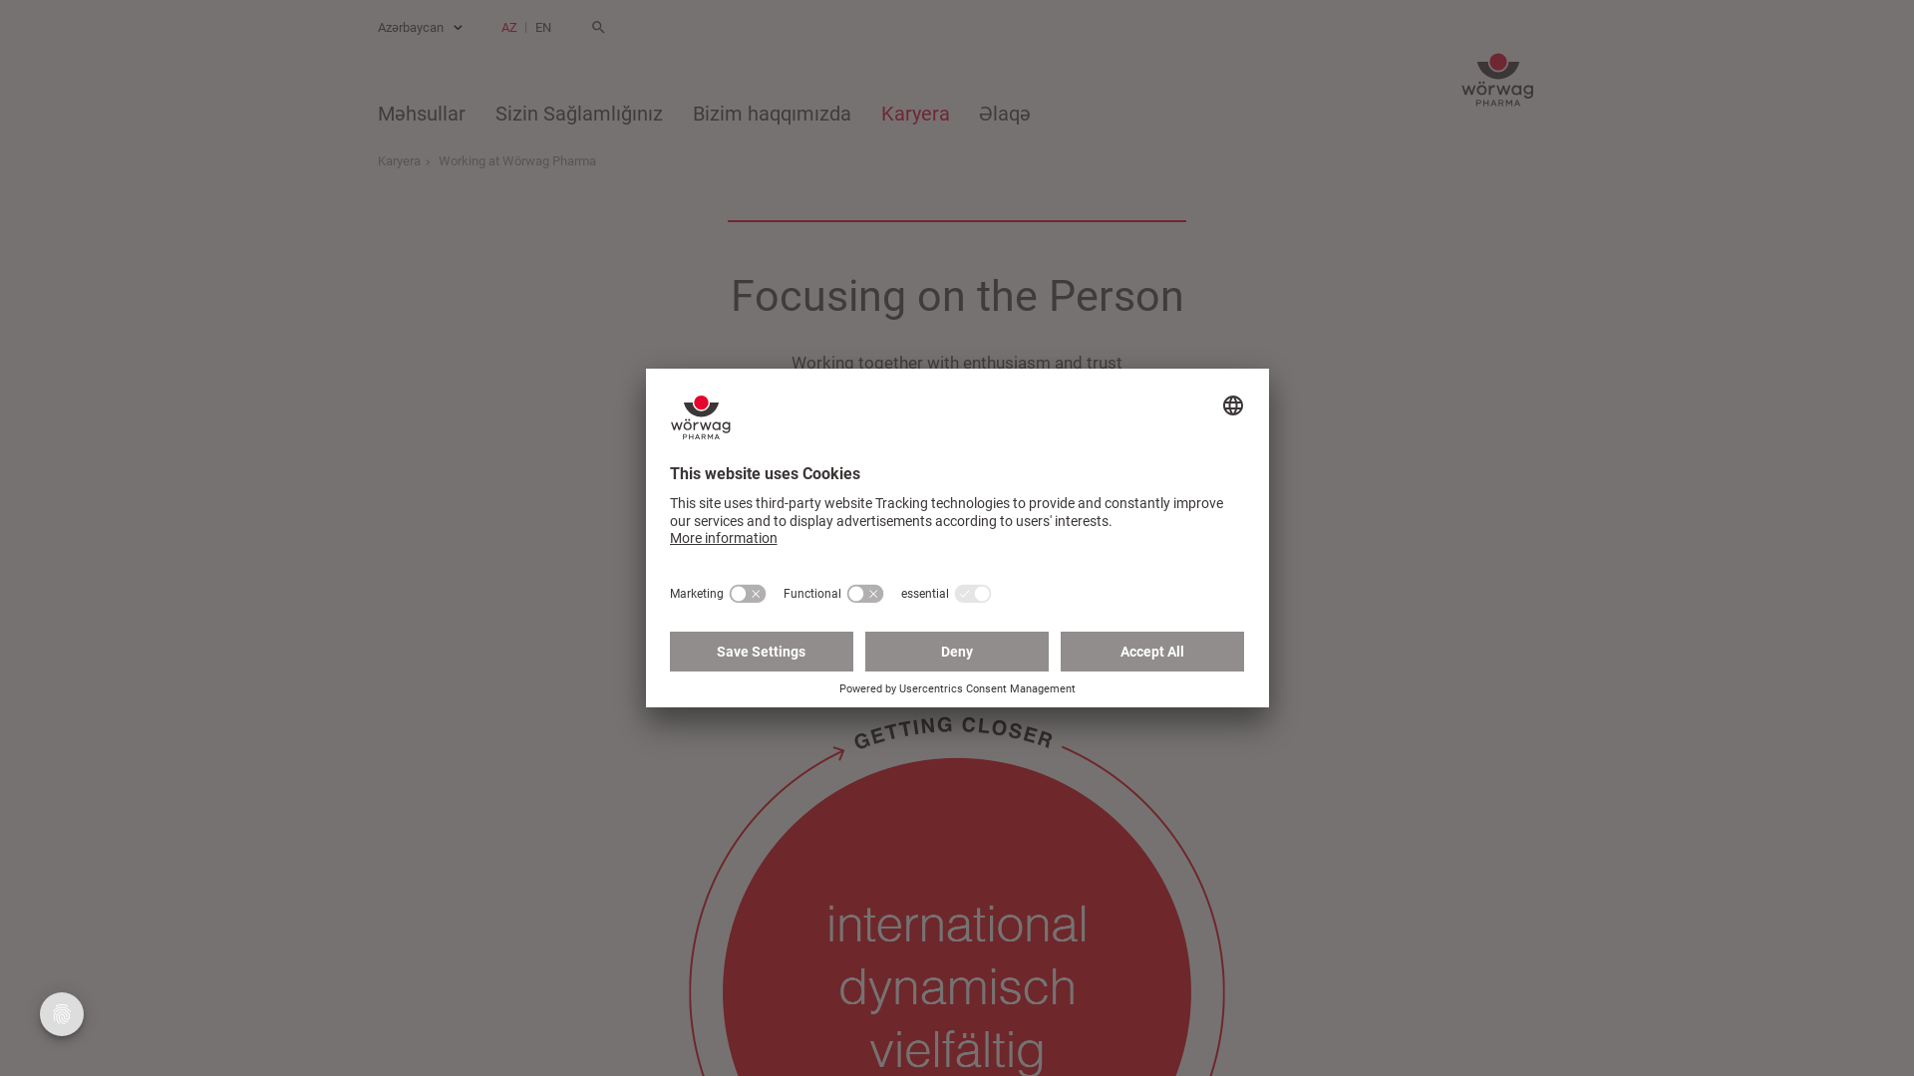 This screenshot has height=1076, width=1914. Describe the element at coordinates (597, 27) in the screenshot. I see `'Search'` at that location.